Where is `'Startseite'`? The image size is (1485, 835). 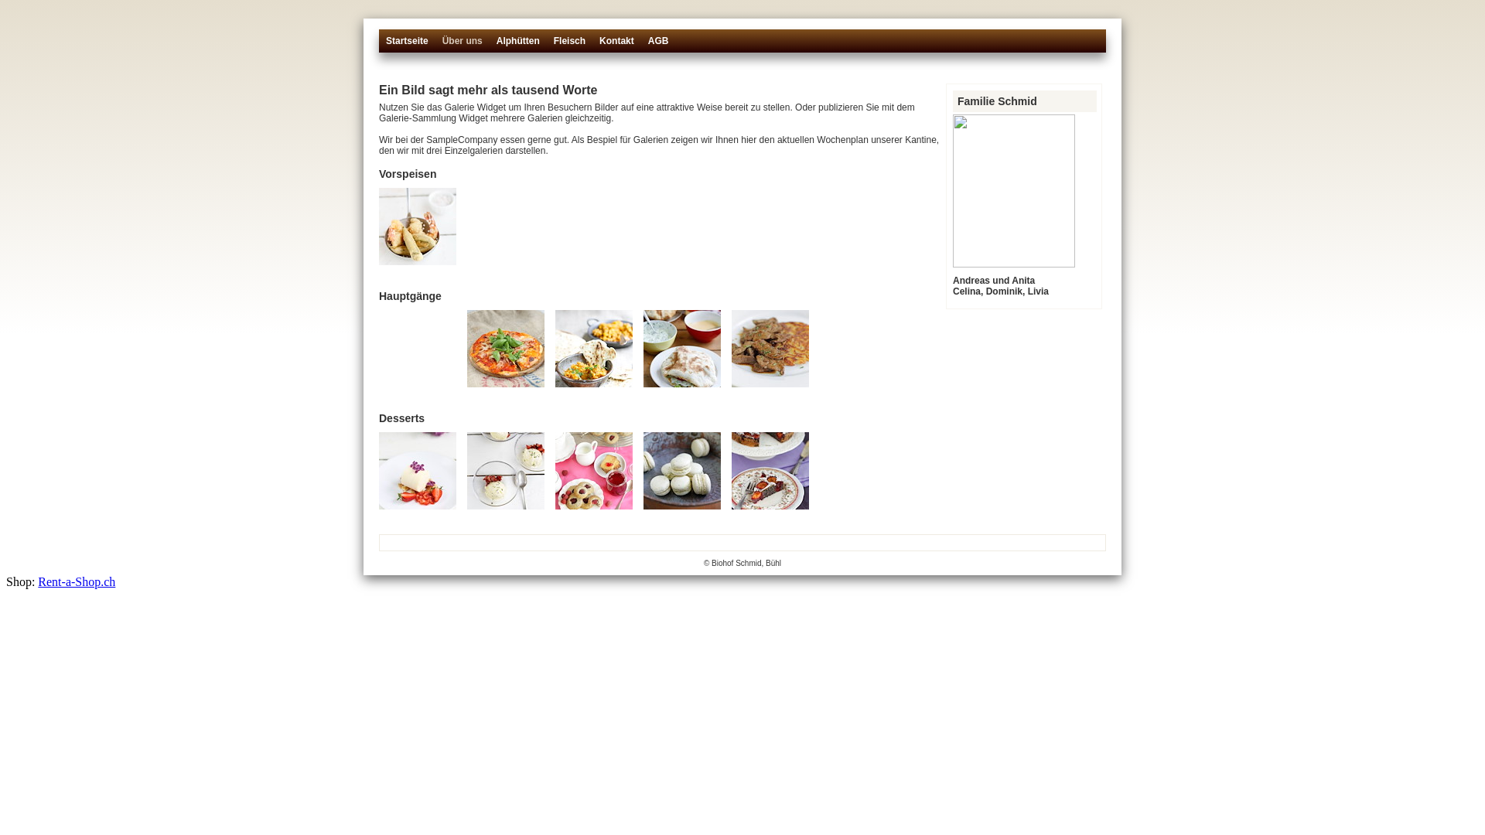
'Startseite' is located at coordinates (407, 46).